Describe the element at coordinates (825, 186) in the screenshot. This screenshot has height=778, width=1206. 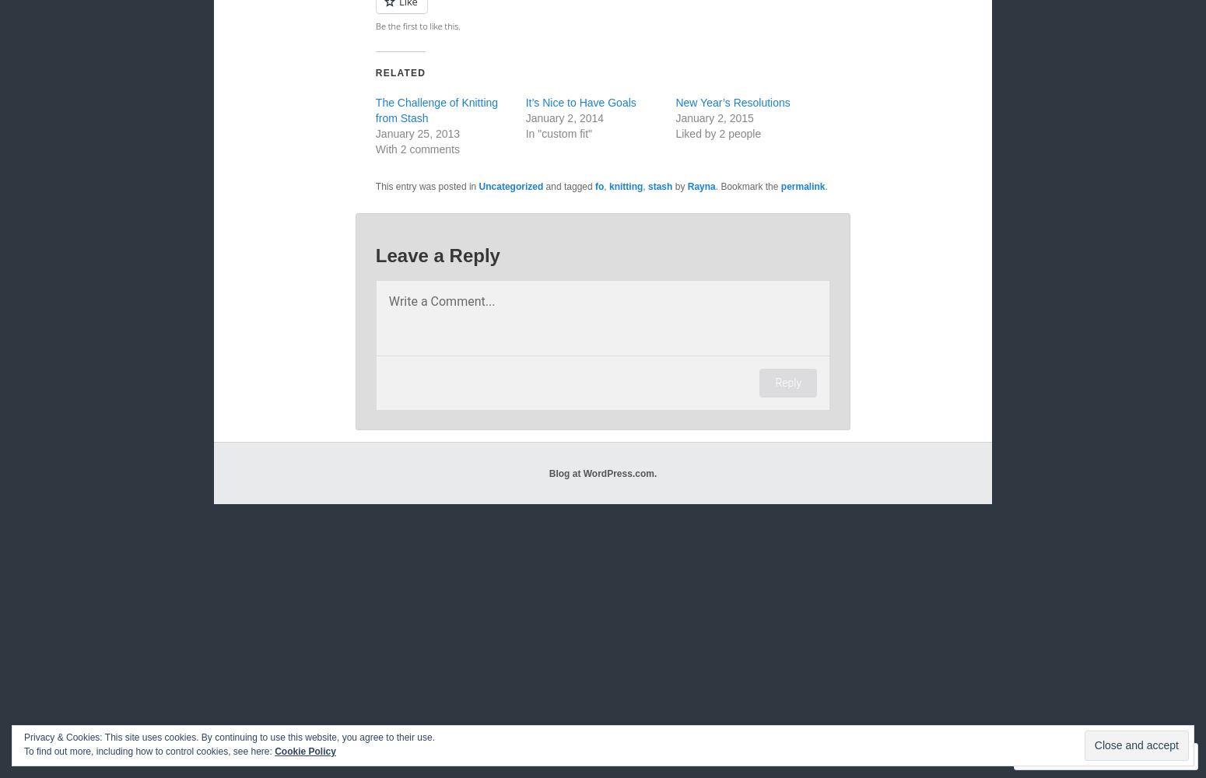
I see `'.'` at that location.